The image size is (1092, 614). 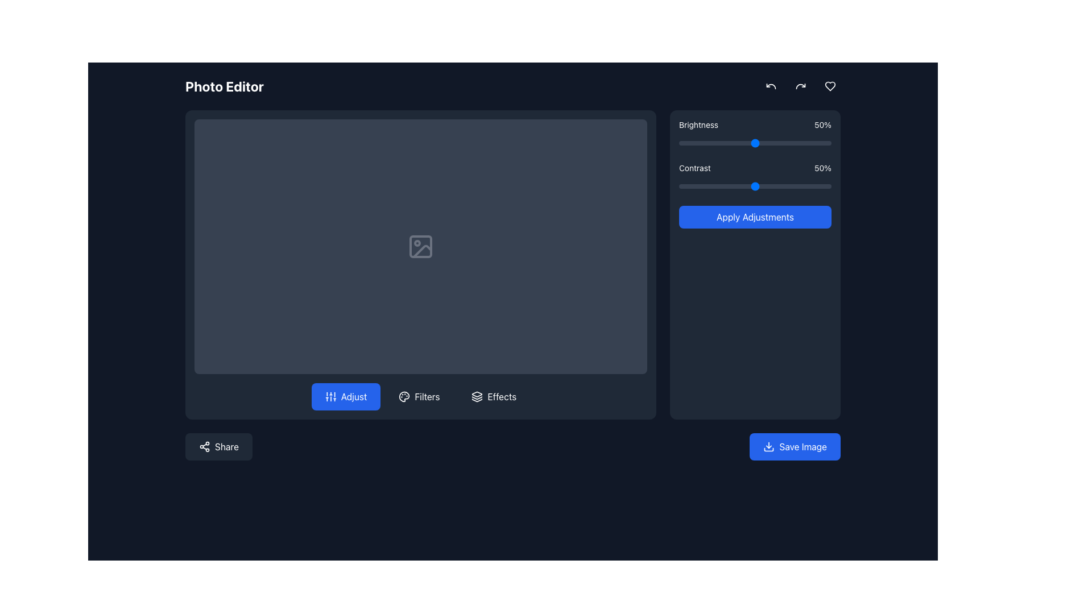 What do you see at coordinates (494, 396) in the screenshot?
I see `the 'Effects' button, which has a dark background, white text, and a stack-like icon to its left, located at the bottom center of the interface` at bounding box center [494, 396].